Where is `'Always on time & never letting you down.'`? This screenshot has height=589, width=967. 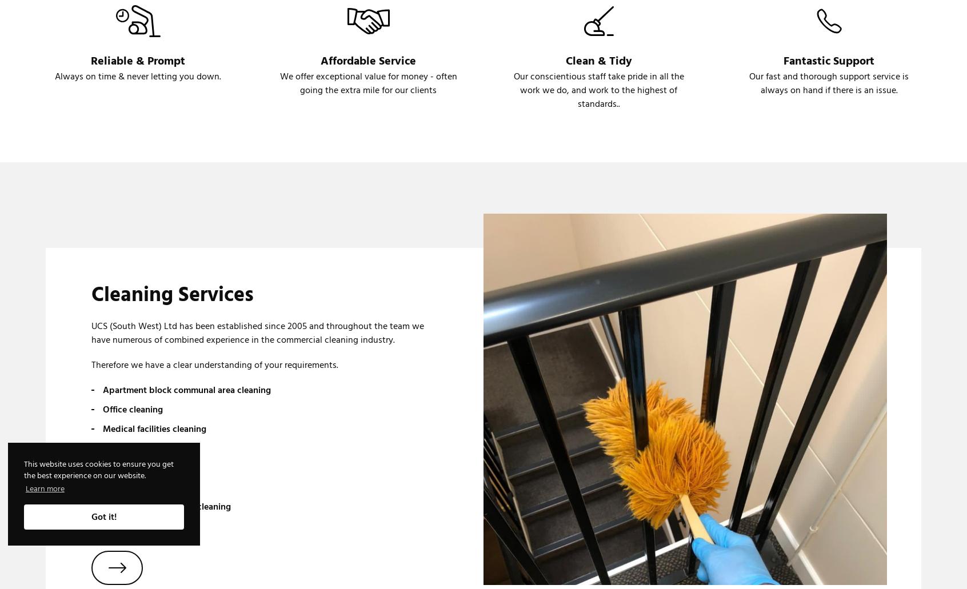 'Always on time & never letting you down.' is located at coordinates (138, 76).